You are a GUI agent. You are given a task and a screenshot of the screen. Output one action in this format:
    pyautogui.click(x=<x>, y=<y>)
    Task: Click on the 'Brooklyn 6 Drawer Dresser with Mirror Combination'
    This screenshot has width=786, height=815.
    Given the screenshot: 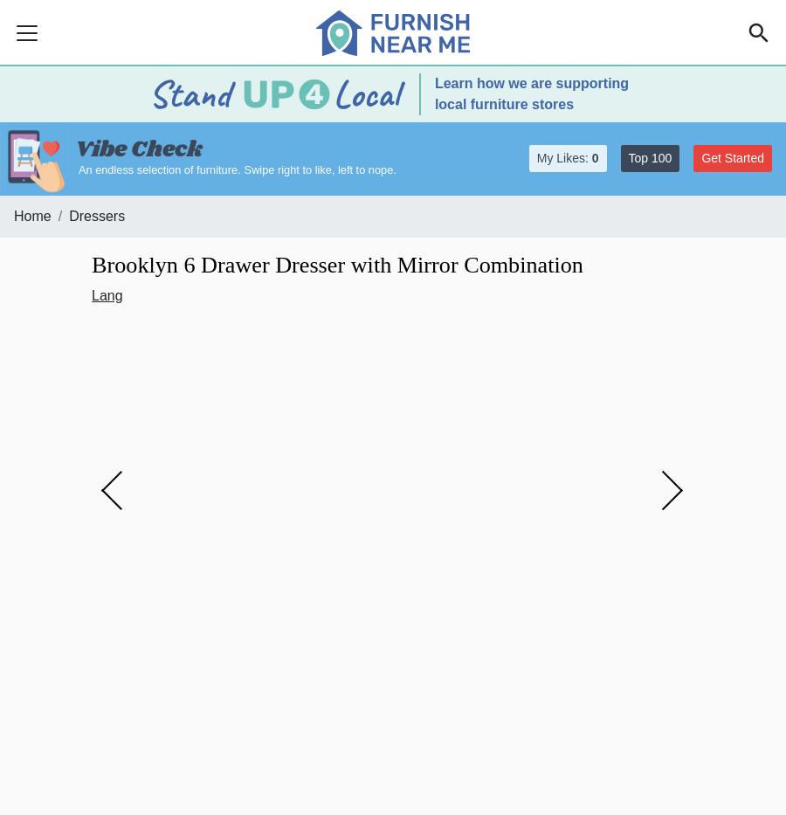 What is the action you would take?
    pyautogui.click(x=91, y=264)
    